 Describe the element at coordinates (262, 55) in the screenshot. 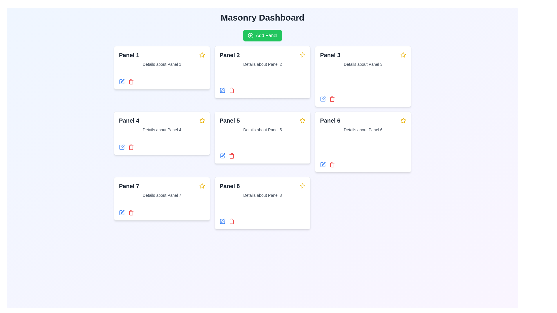

I see `Text Label header for 'Panel 2' which serves as the title for the corresponding panel, positioned in the second column of the first row of the grid layout` at that location.